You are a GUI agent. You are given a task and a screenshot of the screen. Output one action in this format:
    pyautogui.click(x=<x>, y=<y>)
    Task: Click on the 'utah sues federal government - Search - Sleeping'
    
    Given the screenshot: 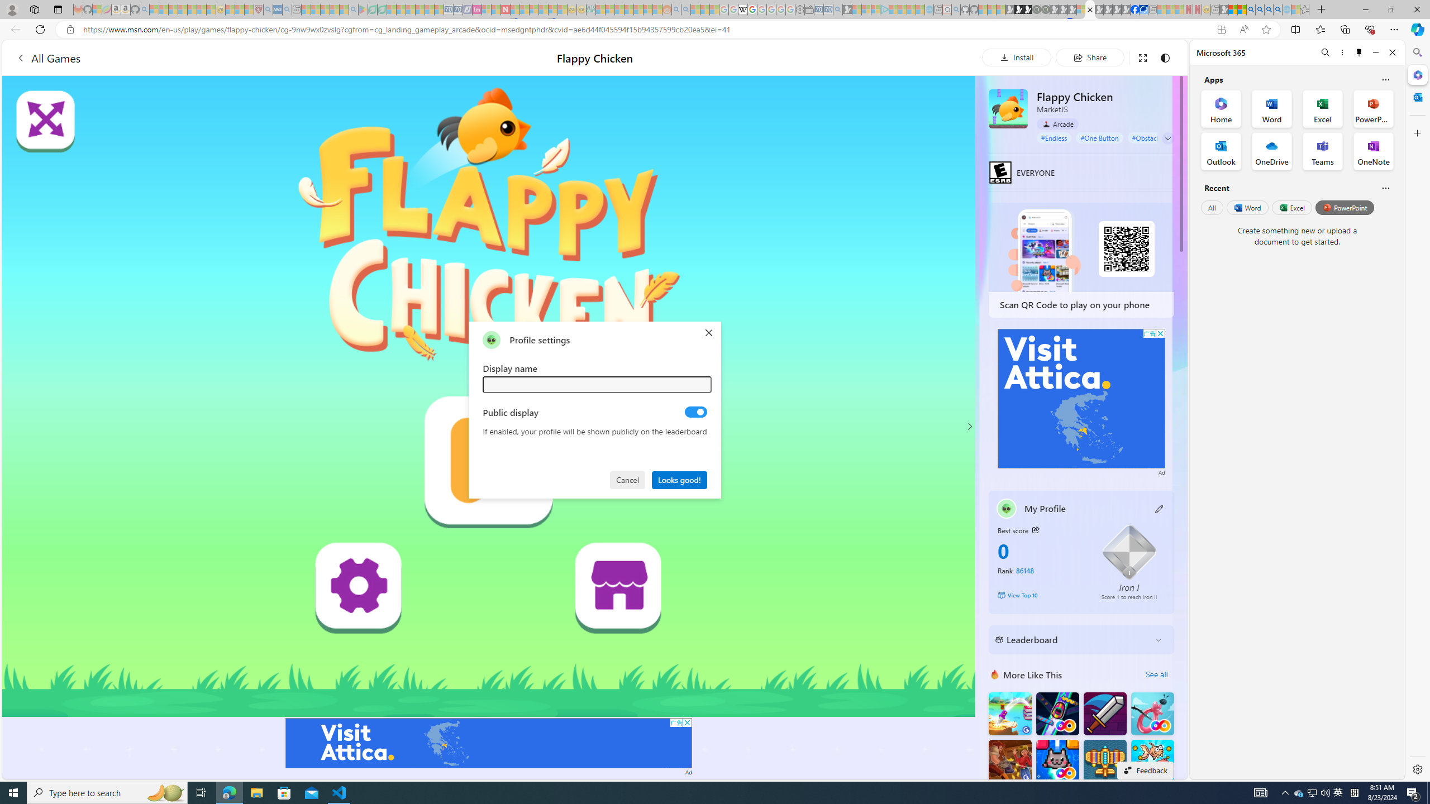 What is the action you would take?
    pyautogui.click(x=287, y=9)
    